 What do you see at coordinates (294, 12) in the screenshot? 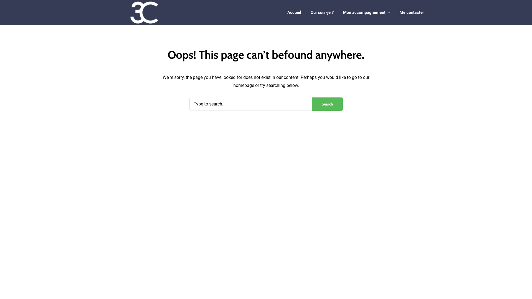
I see `'Accueil'` at bounding box center [294, 12].